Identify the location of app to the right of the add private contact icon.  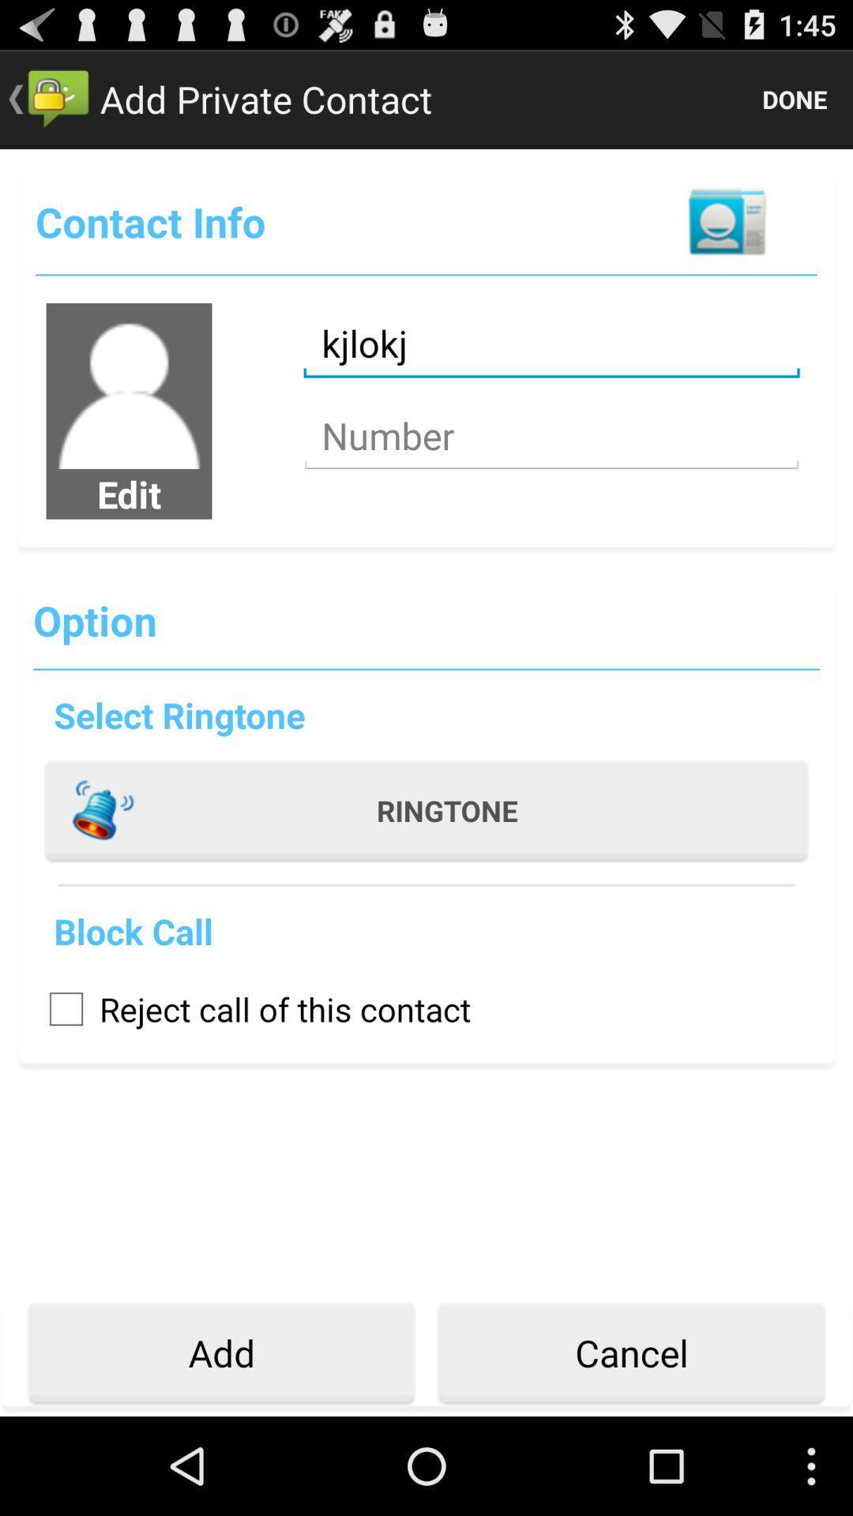
(795, 98).